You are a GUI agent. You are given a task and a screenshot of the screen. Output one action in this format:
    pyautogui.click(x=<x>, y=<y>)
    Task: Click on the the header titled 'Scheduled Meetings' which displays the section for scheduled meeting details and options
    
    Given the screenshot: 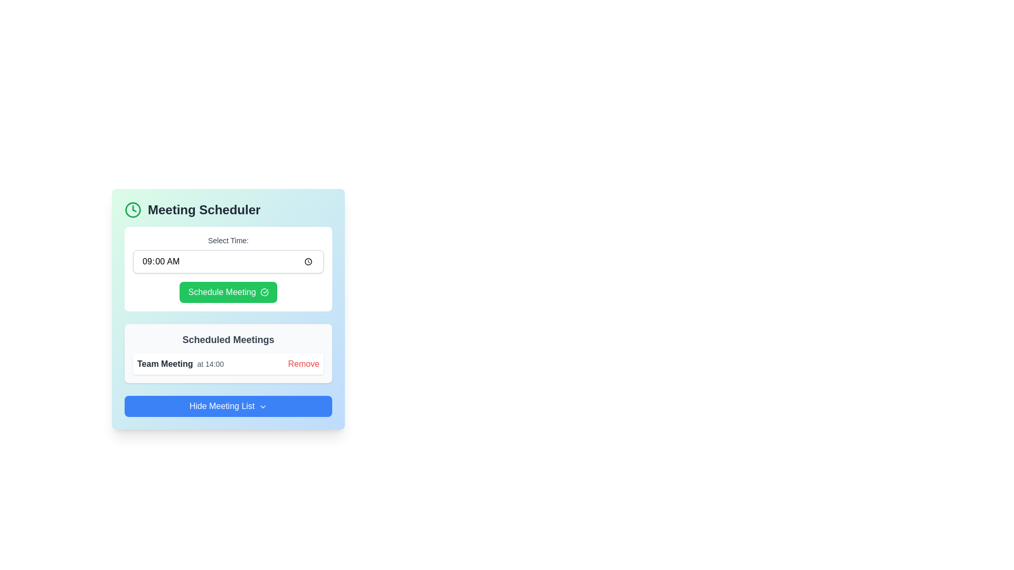 What is the action you would take?
    pyautogui.click(x=228, y=340)
    